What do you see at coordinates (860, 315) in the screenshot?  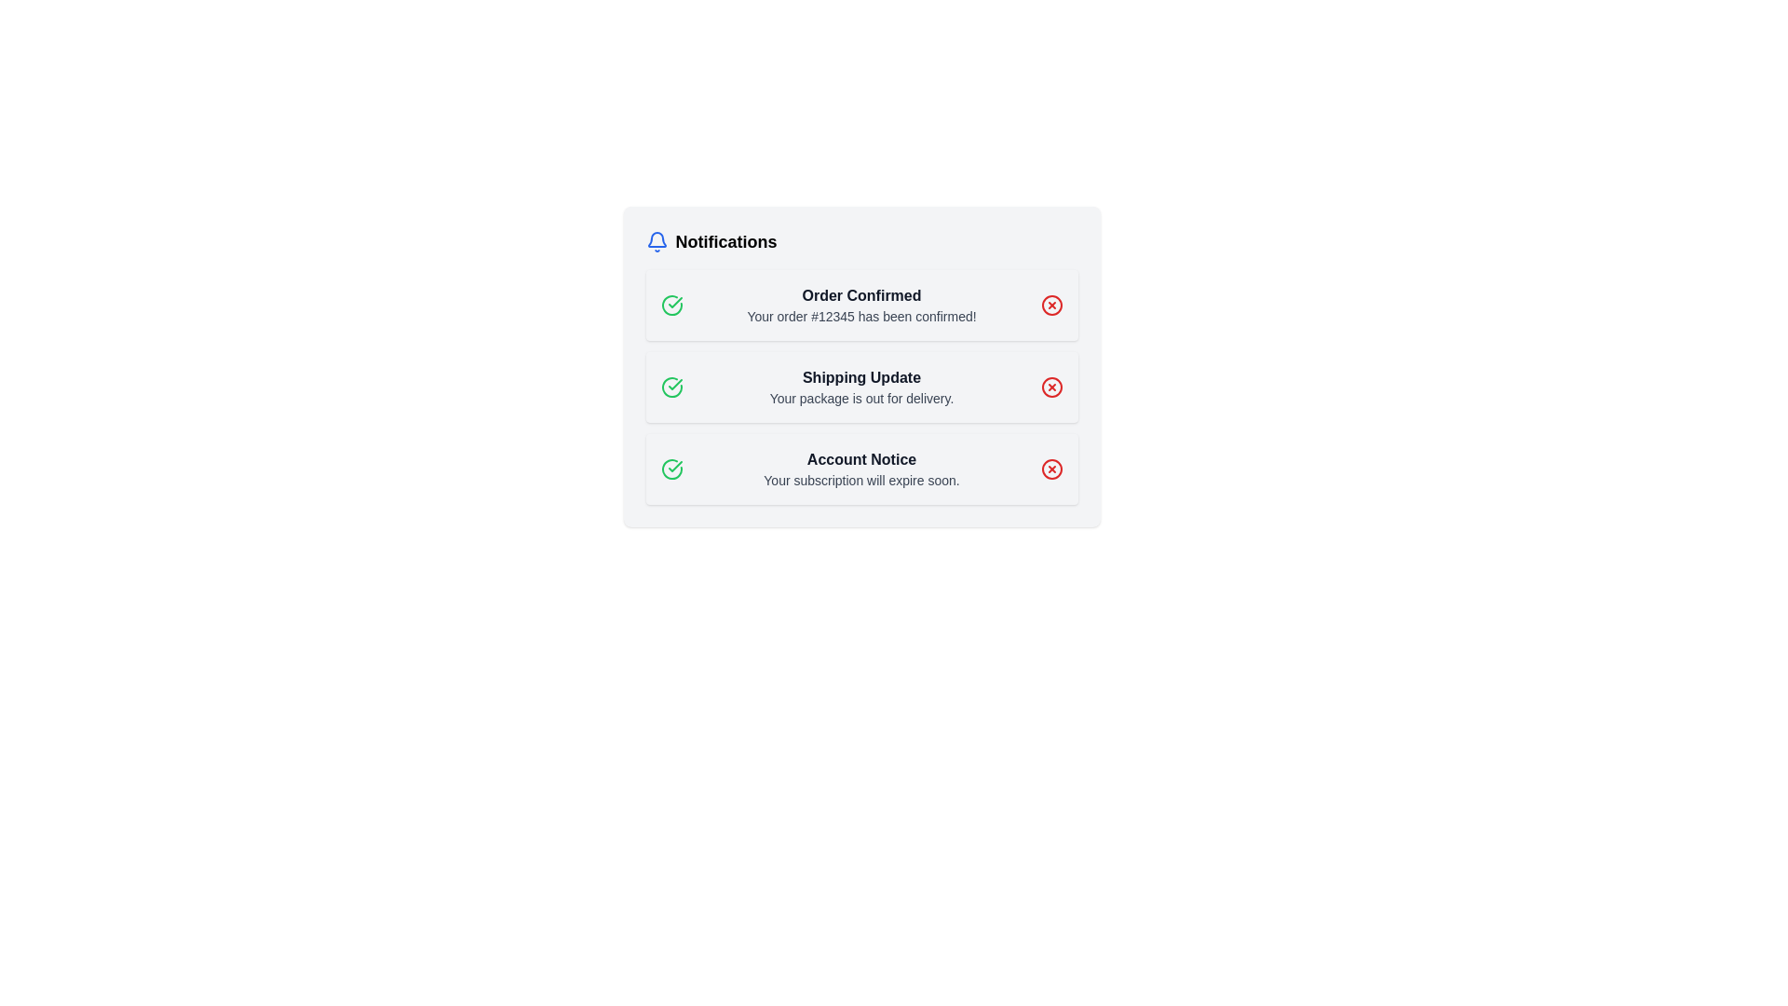 I see `the detailed information text that provides confirmation of the order, including the reference number (#12345), located right below the 'Order Confirmed' text in the topmost notification card` at bounding box center [860, 315].